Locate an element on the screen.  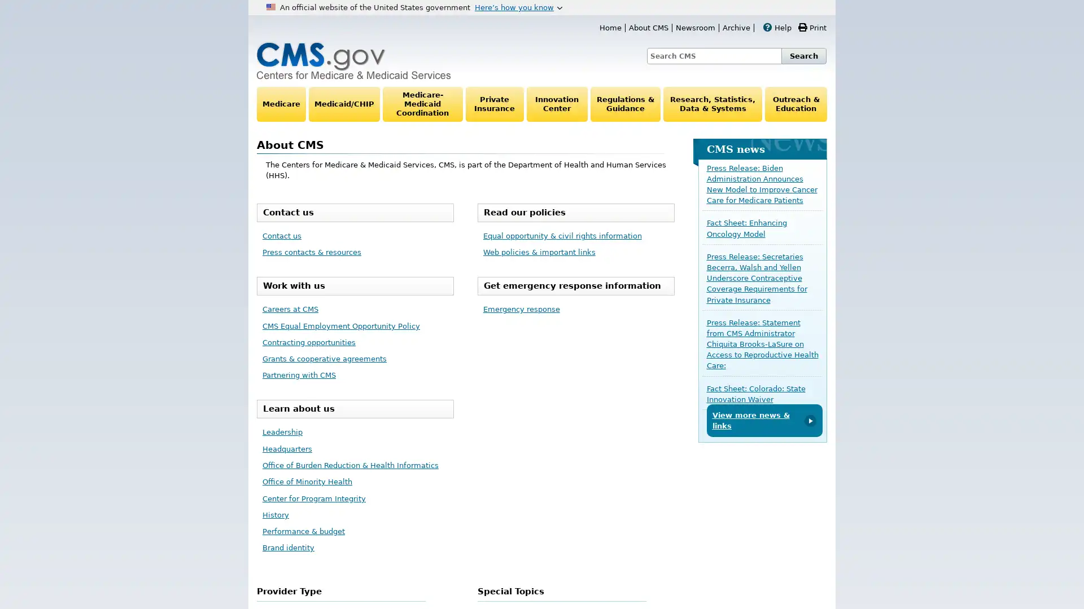
Search is located at coordinates (803, 56).